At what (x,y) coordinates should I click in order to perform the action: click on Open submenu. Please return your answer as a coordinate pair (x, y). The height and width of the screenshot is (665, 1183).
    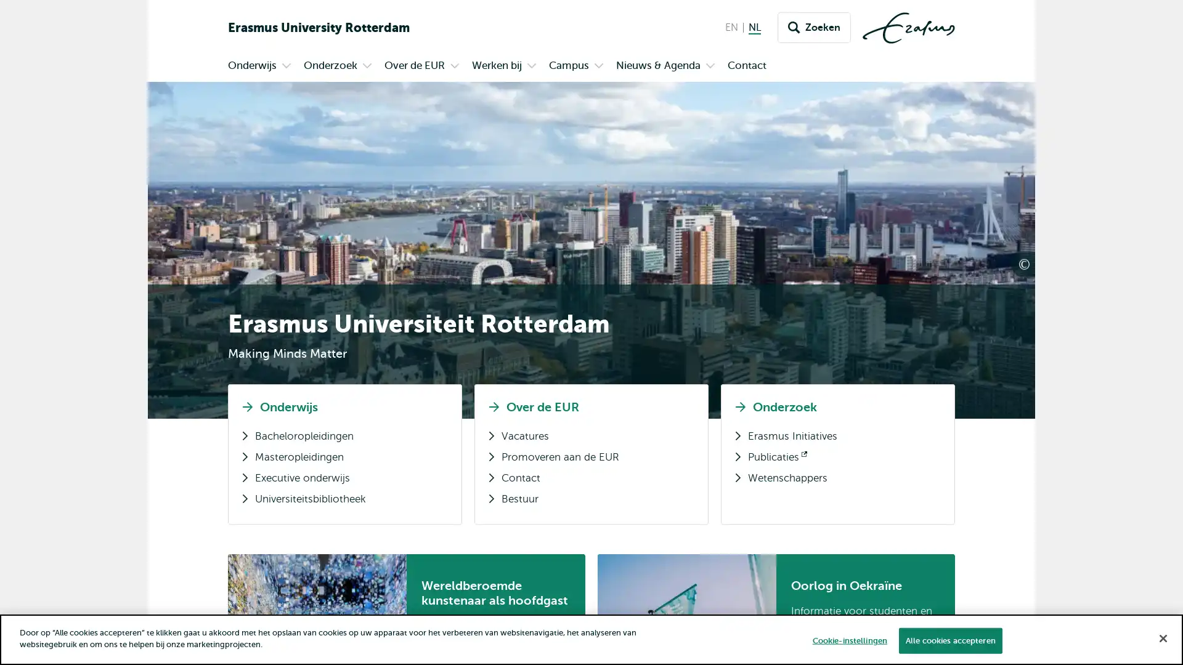
    Looking at the image, I should click on (286, 66).